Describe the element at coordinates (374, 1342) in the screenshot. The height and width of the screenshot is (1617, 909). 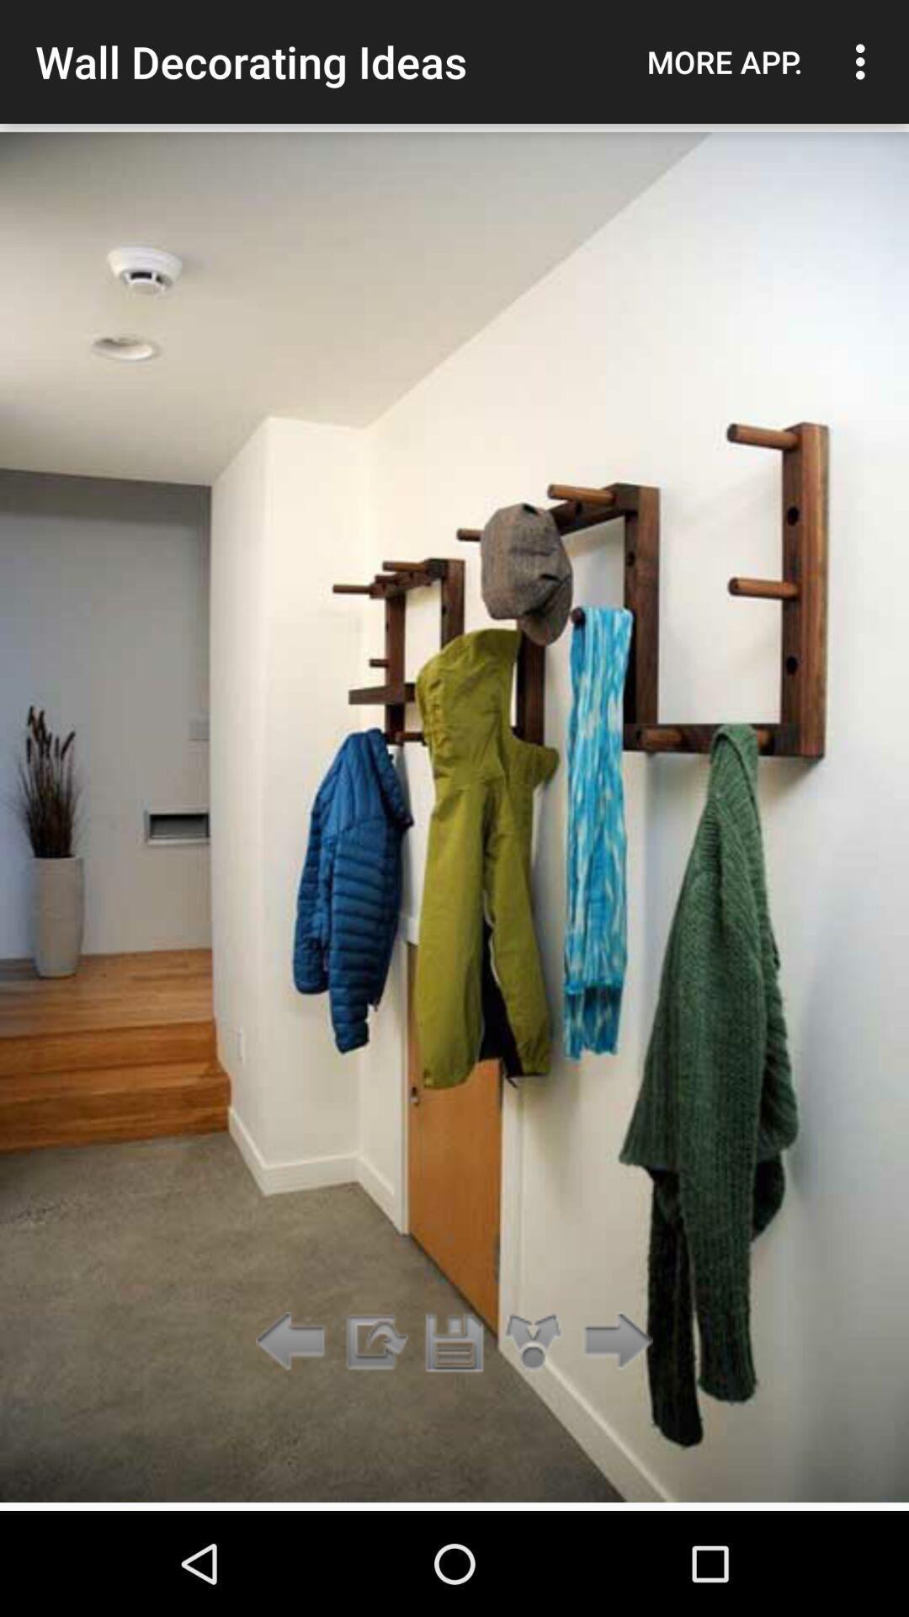
I see `app below wall decorating ideas item` at that location.